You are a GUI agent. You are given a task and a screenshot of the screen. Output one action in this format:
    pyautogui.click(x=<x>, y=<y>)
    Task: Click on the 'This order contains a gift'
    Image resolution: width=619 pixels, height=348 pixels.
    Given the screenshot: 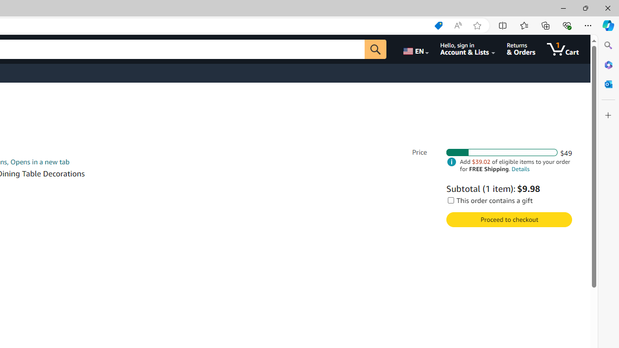 What is the action you would take?
    pyautogui.click(x=450, y=200)
    